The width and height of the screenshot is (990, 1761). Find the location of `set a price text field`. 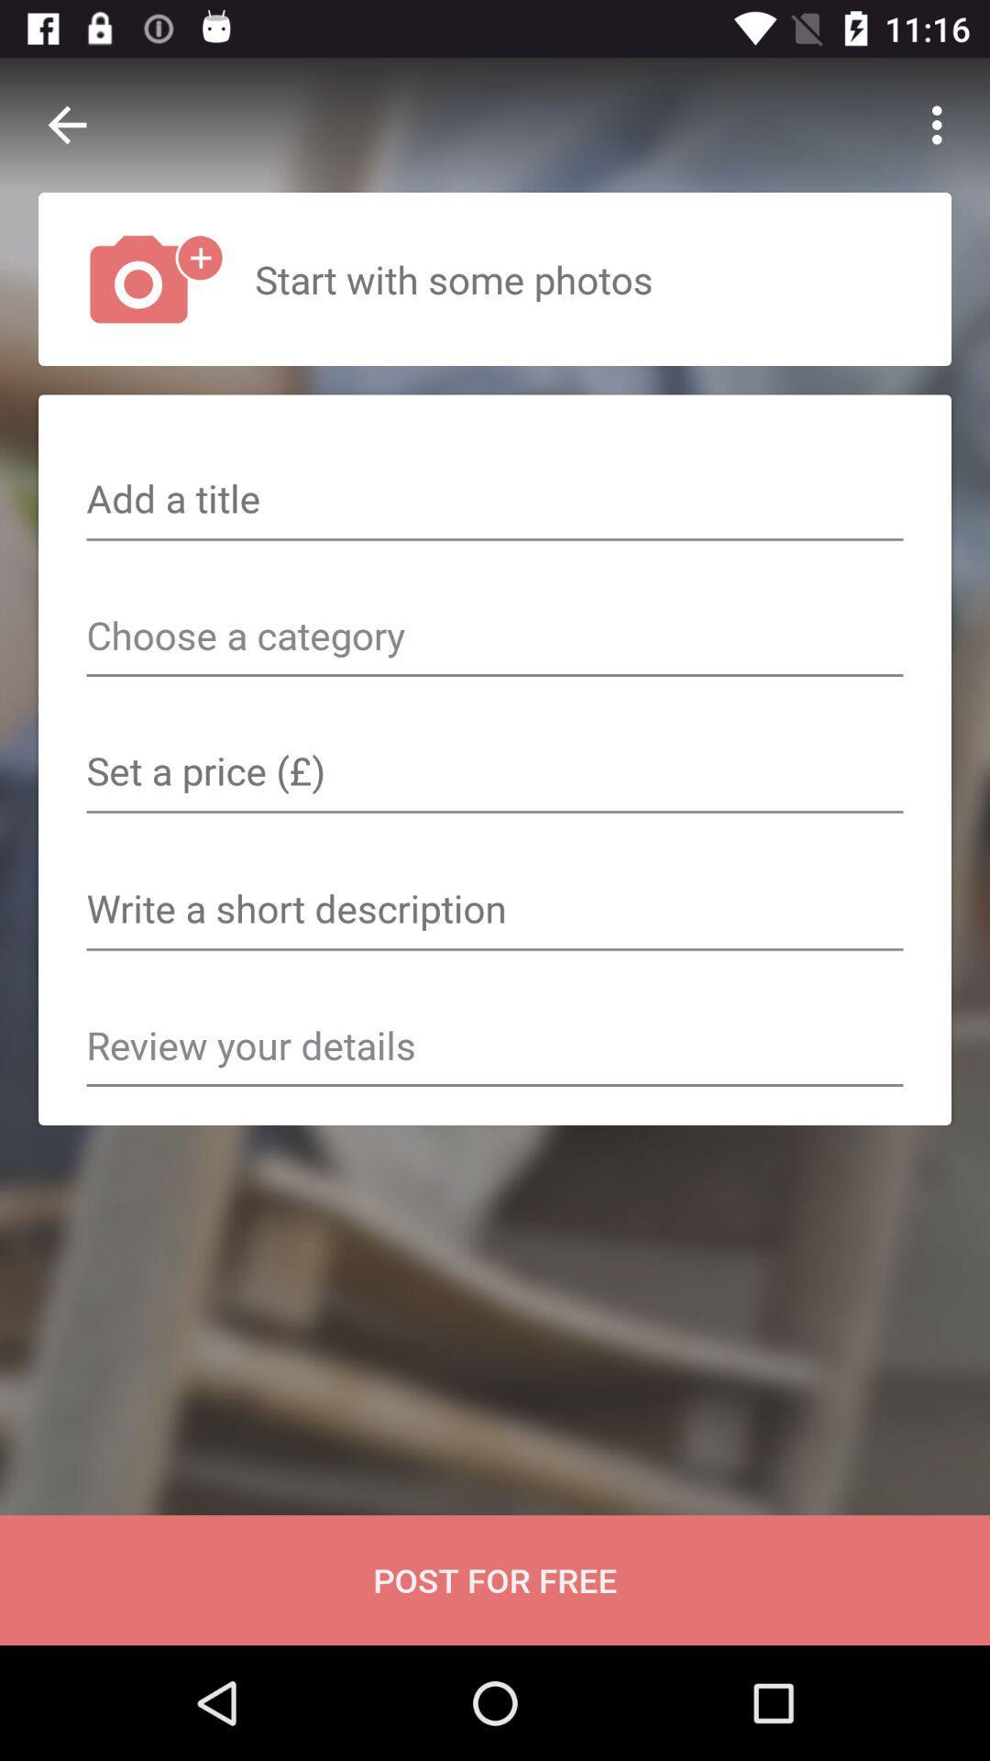

set a price text field is located at coordinates (495, 773).